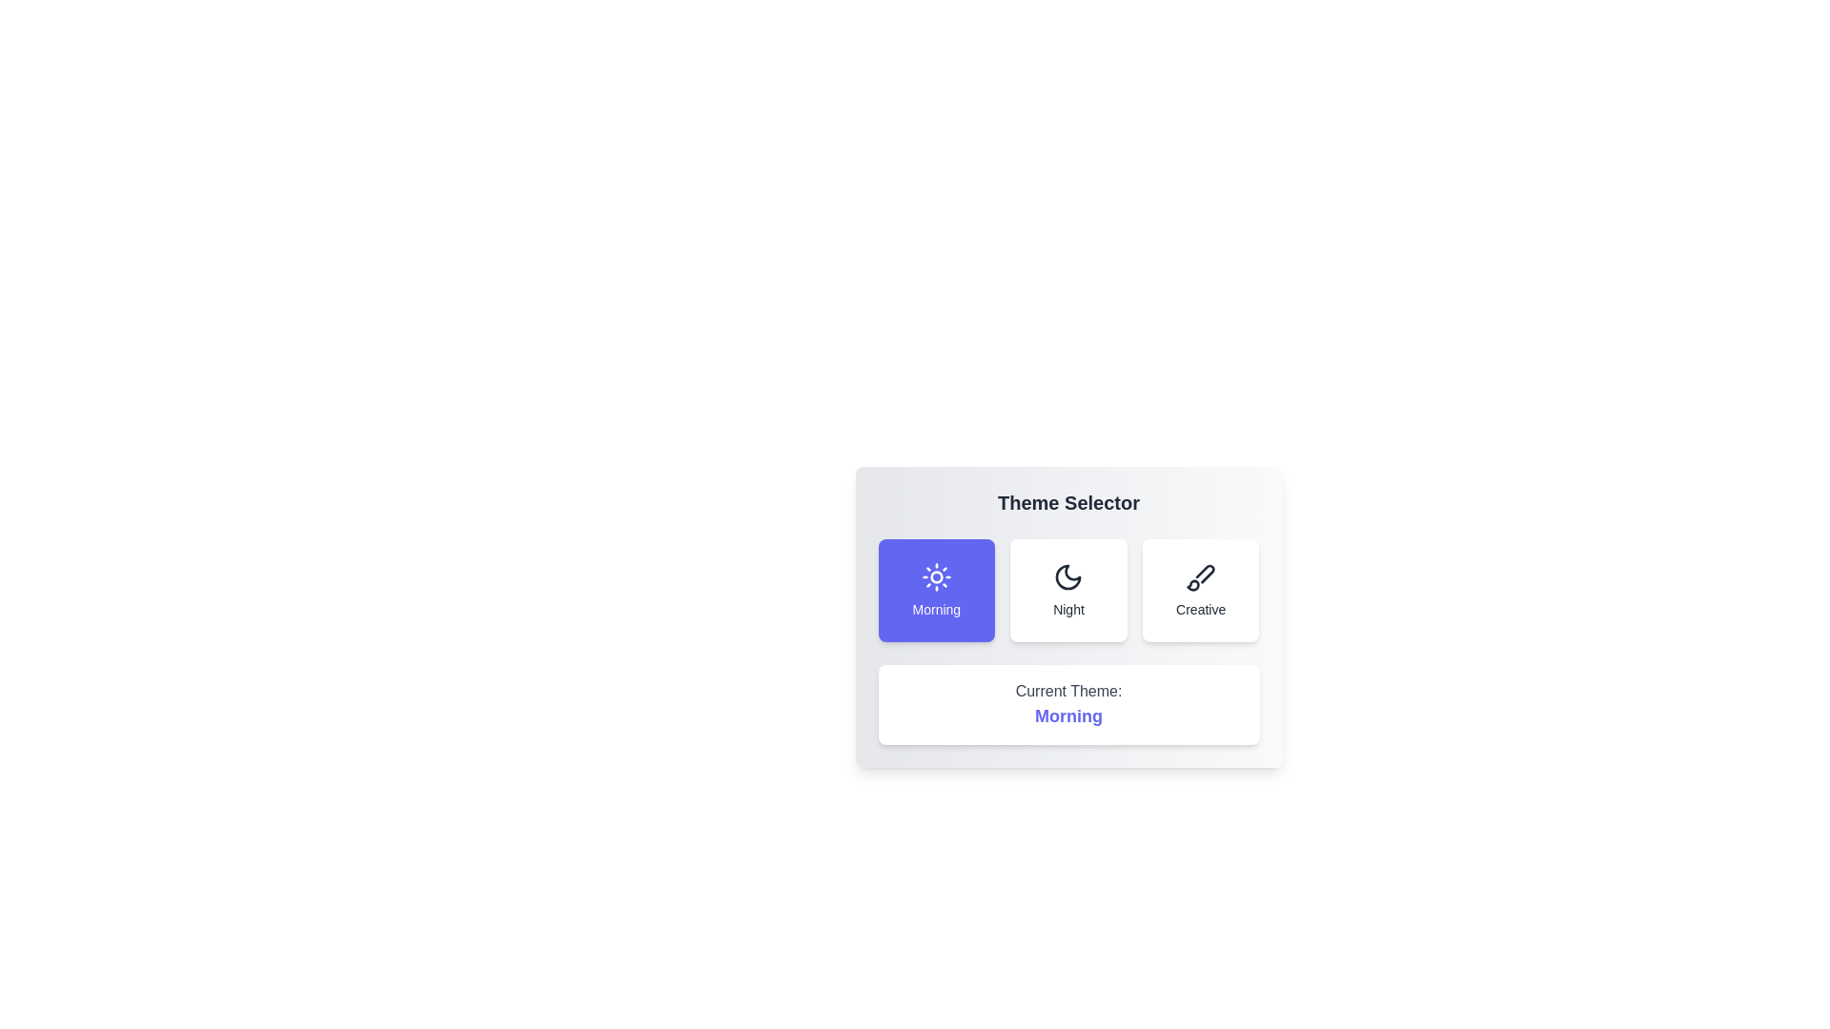 The height and width of the screenshot is (1029, 1830). Describe the element at coordinates (1200, 590) in the screenshot. I see `the Creative button to observe its hover effect` at that location.